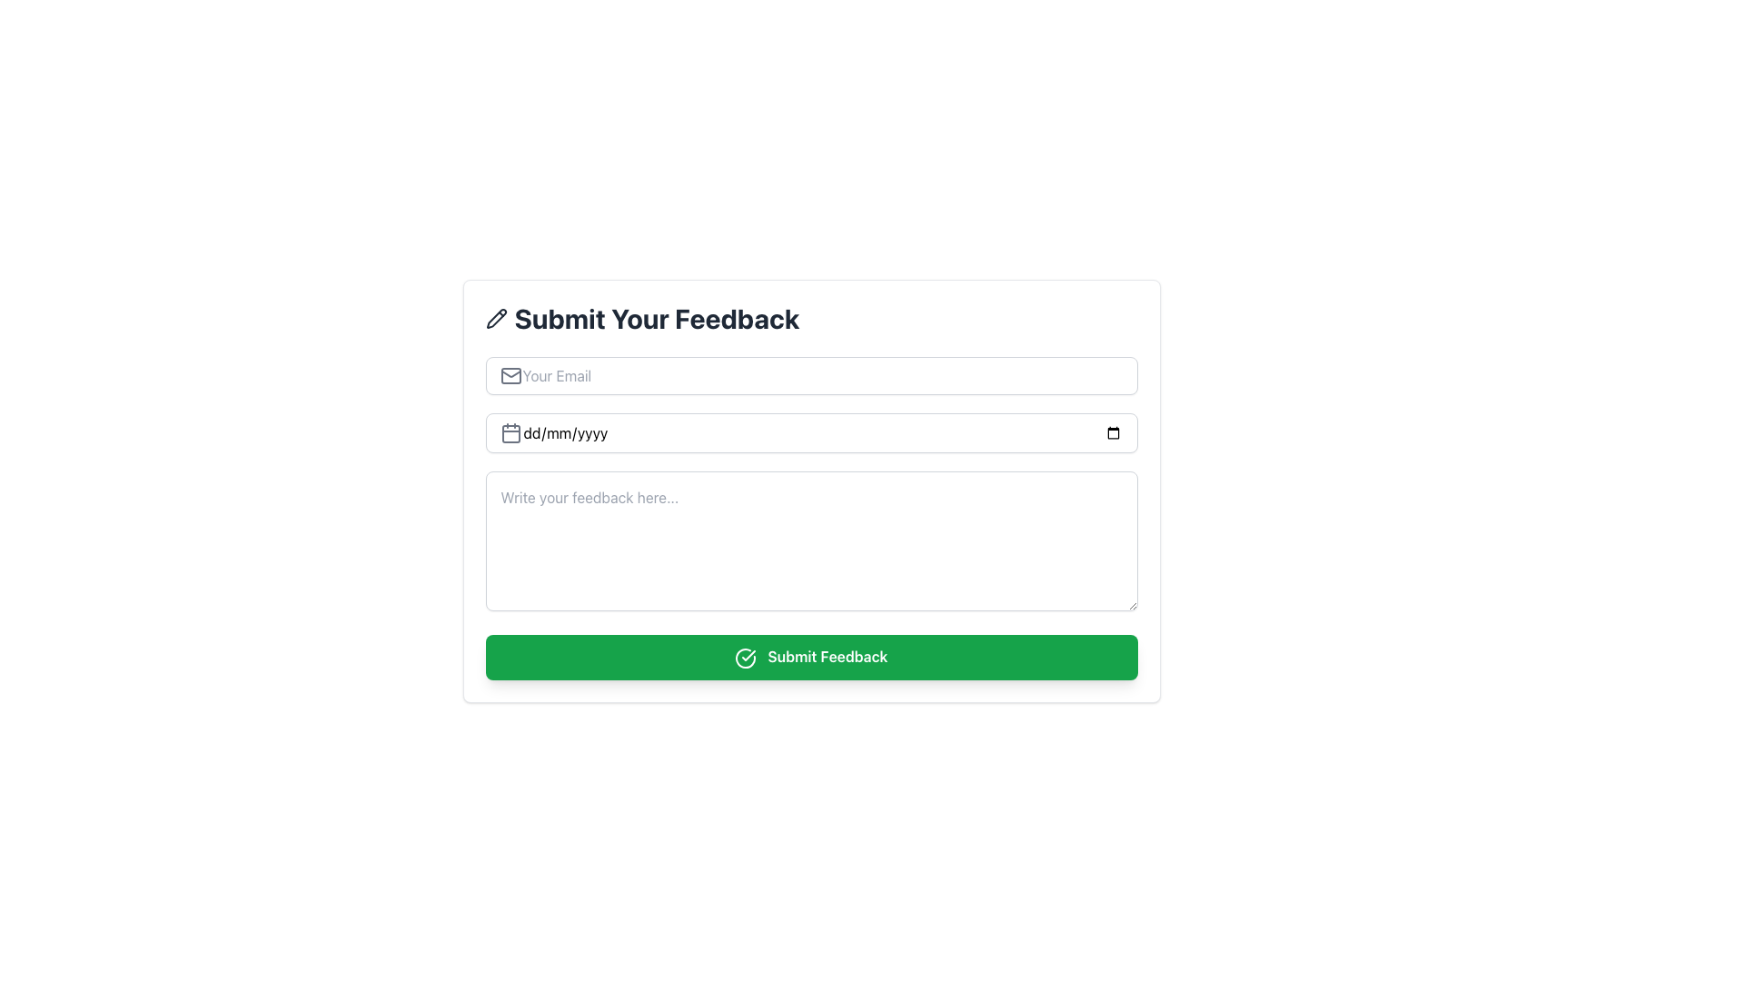 The height and width of the screenshot is (981, 1744). What do you see at coordinates (496, 318) in the screenshot?
I see `the editing icon located at the top-left corner of the 'Submit Your Feedback' text in the header area of the form` at bounding box center [496, 318].